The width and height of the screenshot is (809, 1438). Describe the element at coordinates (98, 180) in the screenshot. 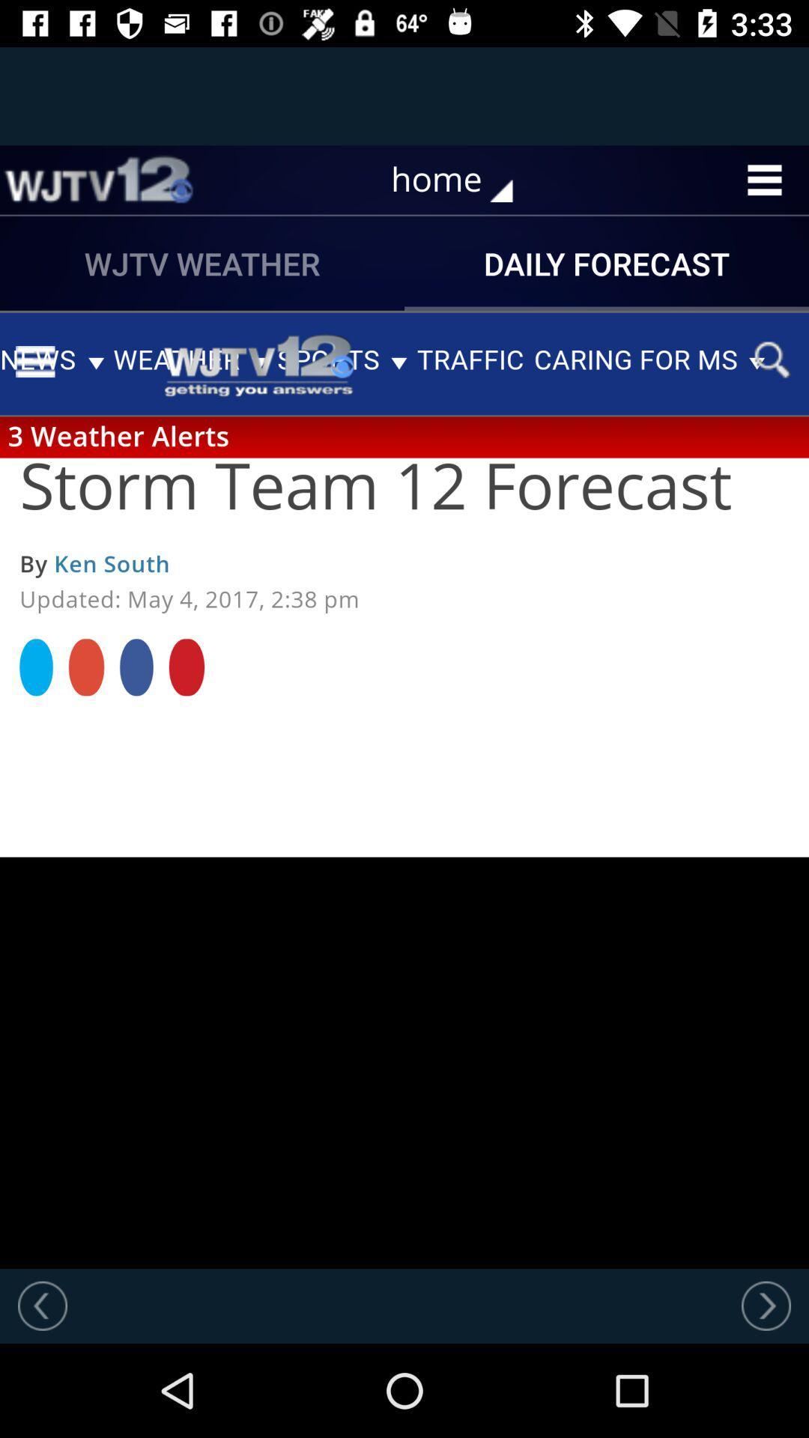

I see `item to the left of home item` at that location.